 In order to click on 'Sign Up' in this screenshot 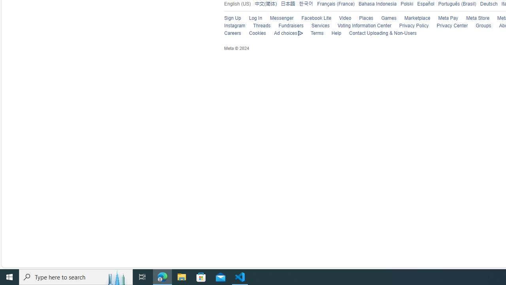, I will do `click(232, 18)`.